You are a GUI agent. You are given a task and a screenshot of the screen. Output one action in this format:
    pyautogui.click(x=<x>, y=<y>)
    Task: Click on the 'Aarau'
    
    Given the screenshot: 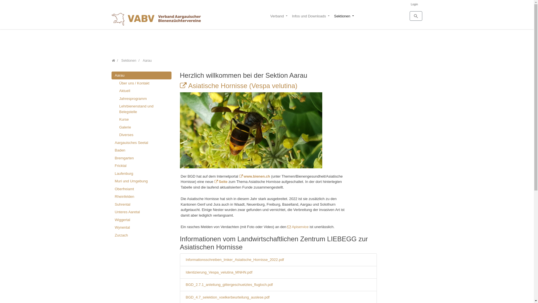 What is the action you would take?
    pyautogui.click(x=141, y=75)
    